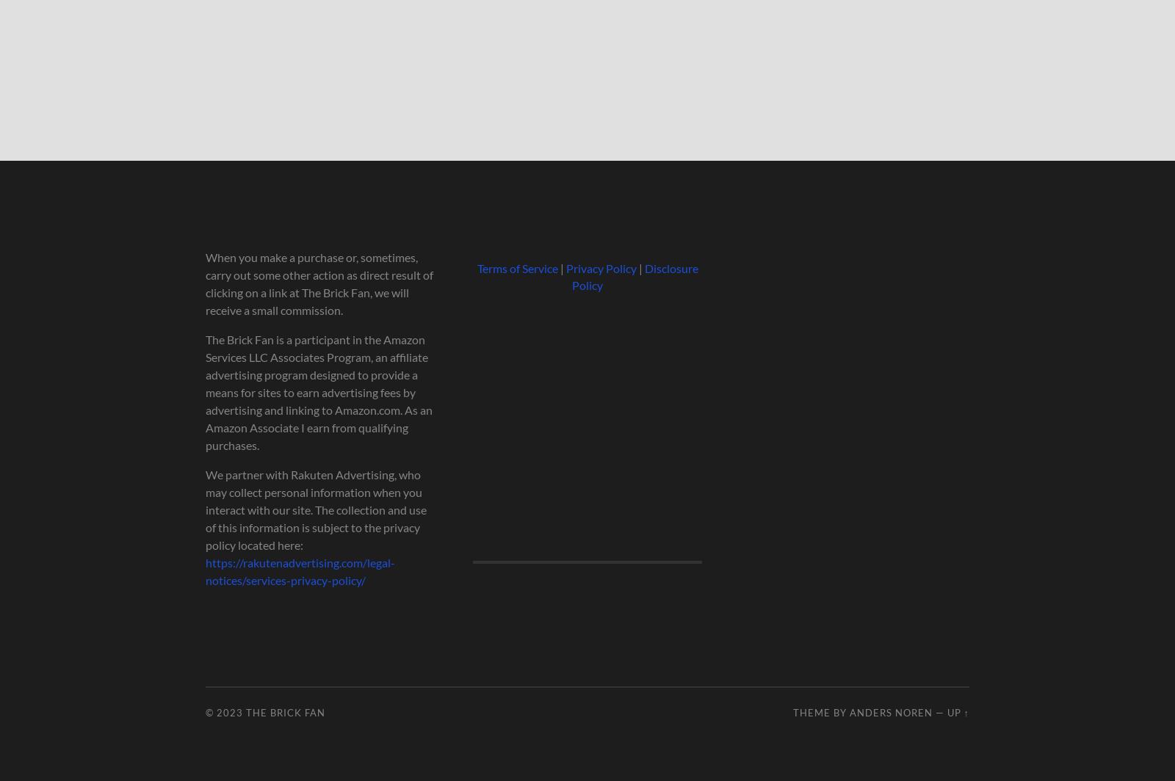  What do you see at coordinates (599, 268) in the screenshot?
I see `'Privacy Policy'` at bounding box center [599, 268].